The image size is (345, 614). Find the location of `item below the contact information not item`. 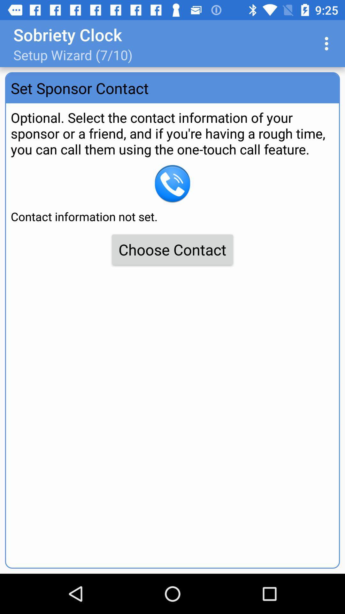

item below the contact information not item is located at coordinates (172, 249).